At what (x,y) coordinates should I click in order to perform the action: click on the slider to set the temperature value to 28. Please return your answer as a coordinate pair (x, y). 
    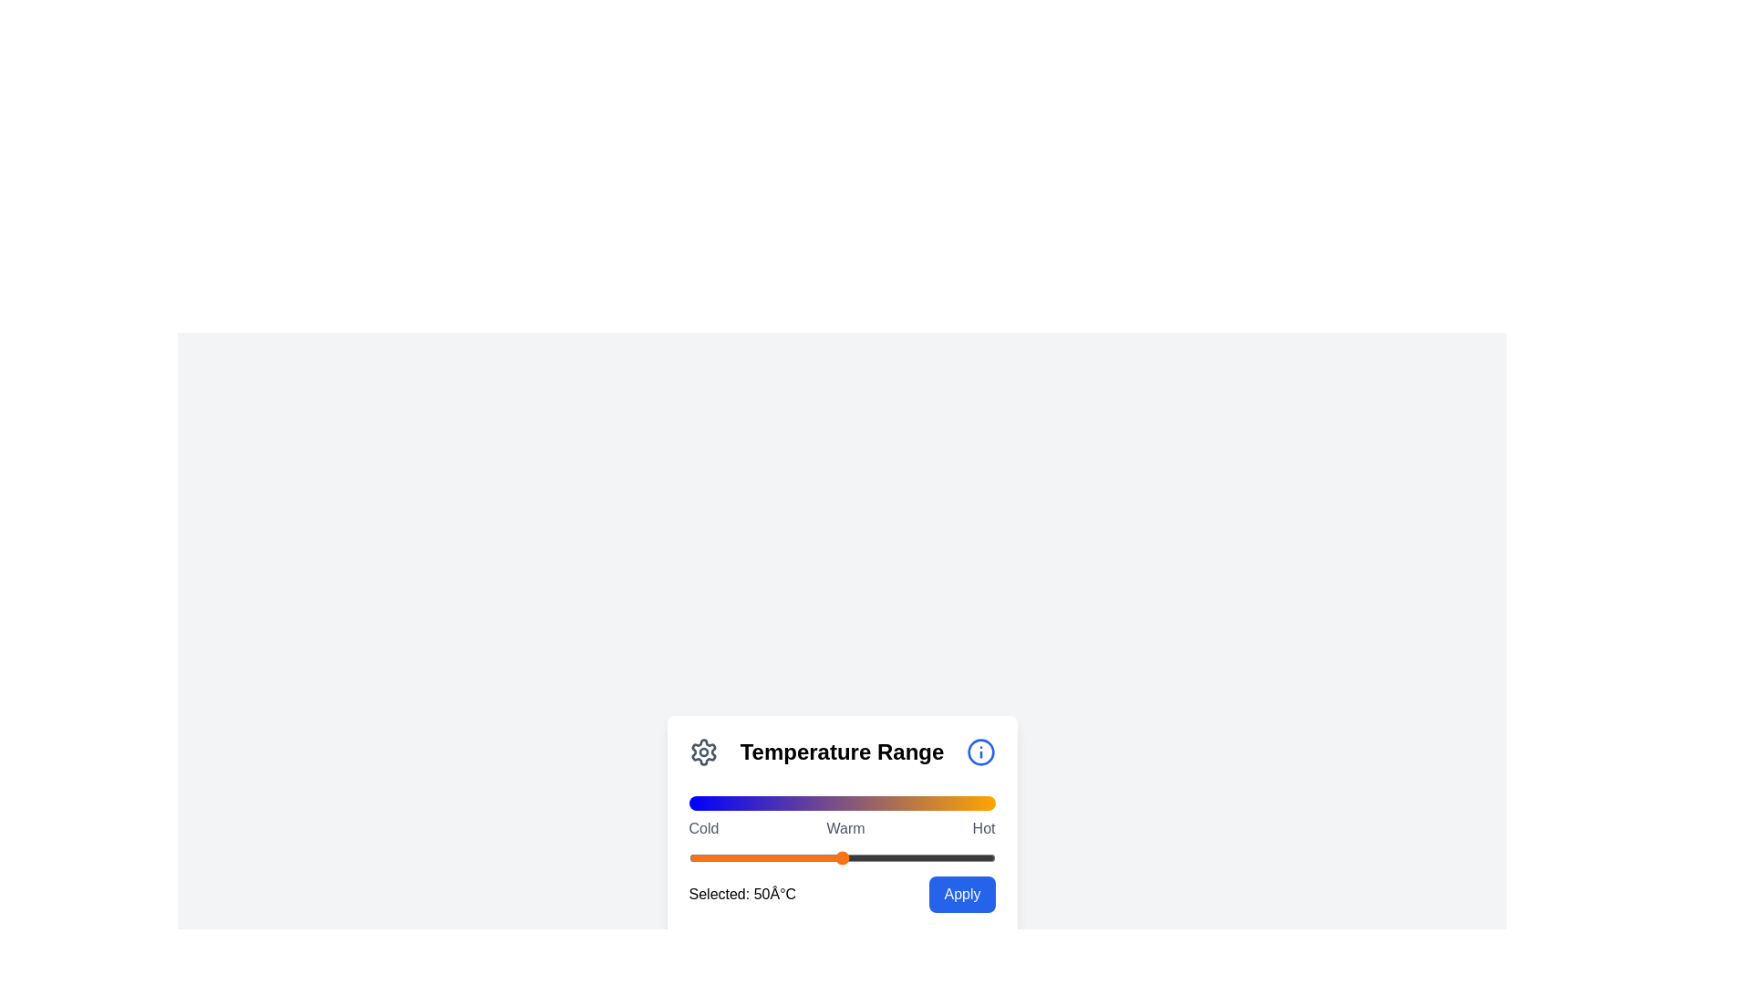
    Looking at the image, I should click on (774, 858).